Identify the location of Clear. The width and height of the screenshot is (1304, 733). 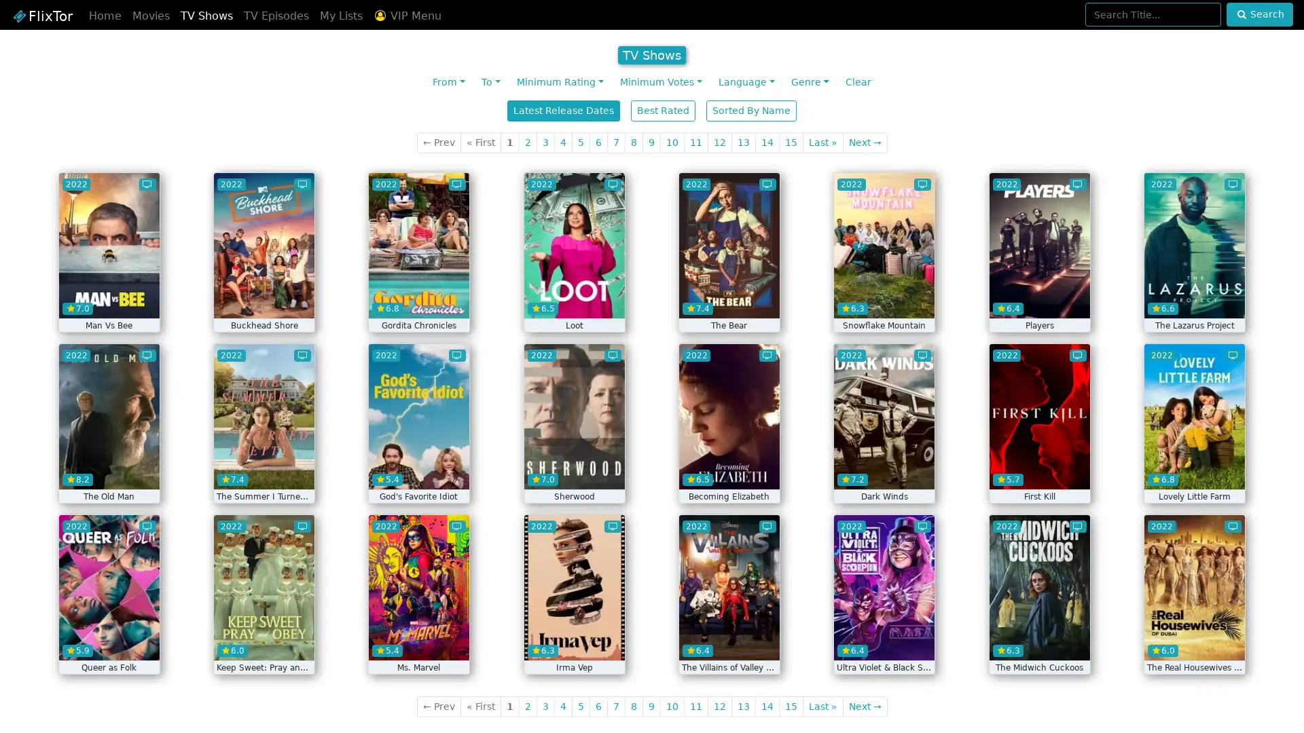
(856, 82).